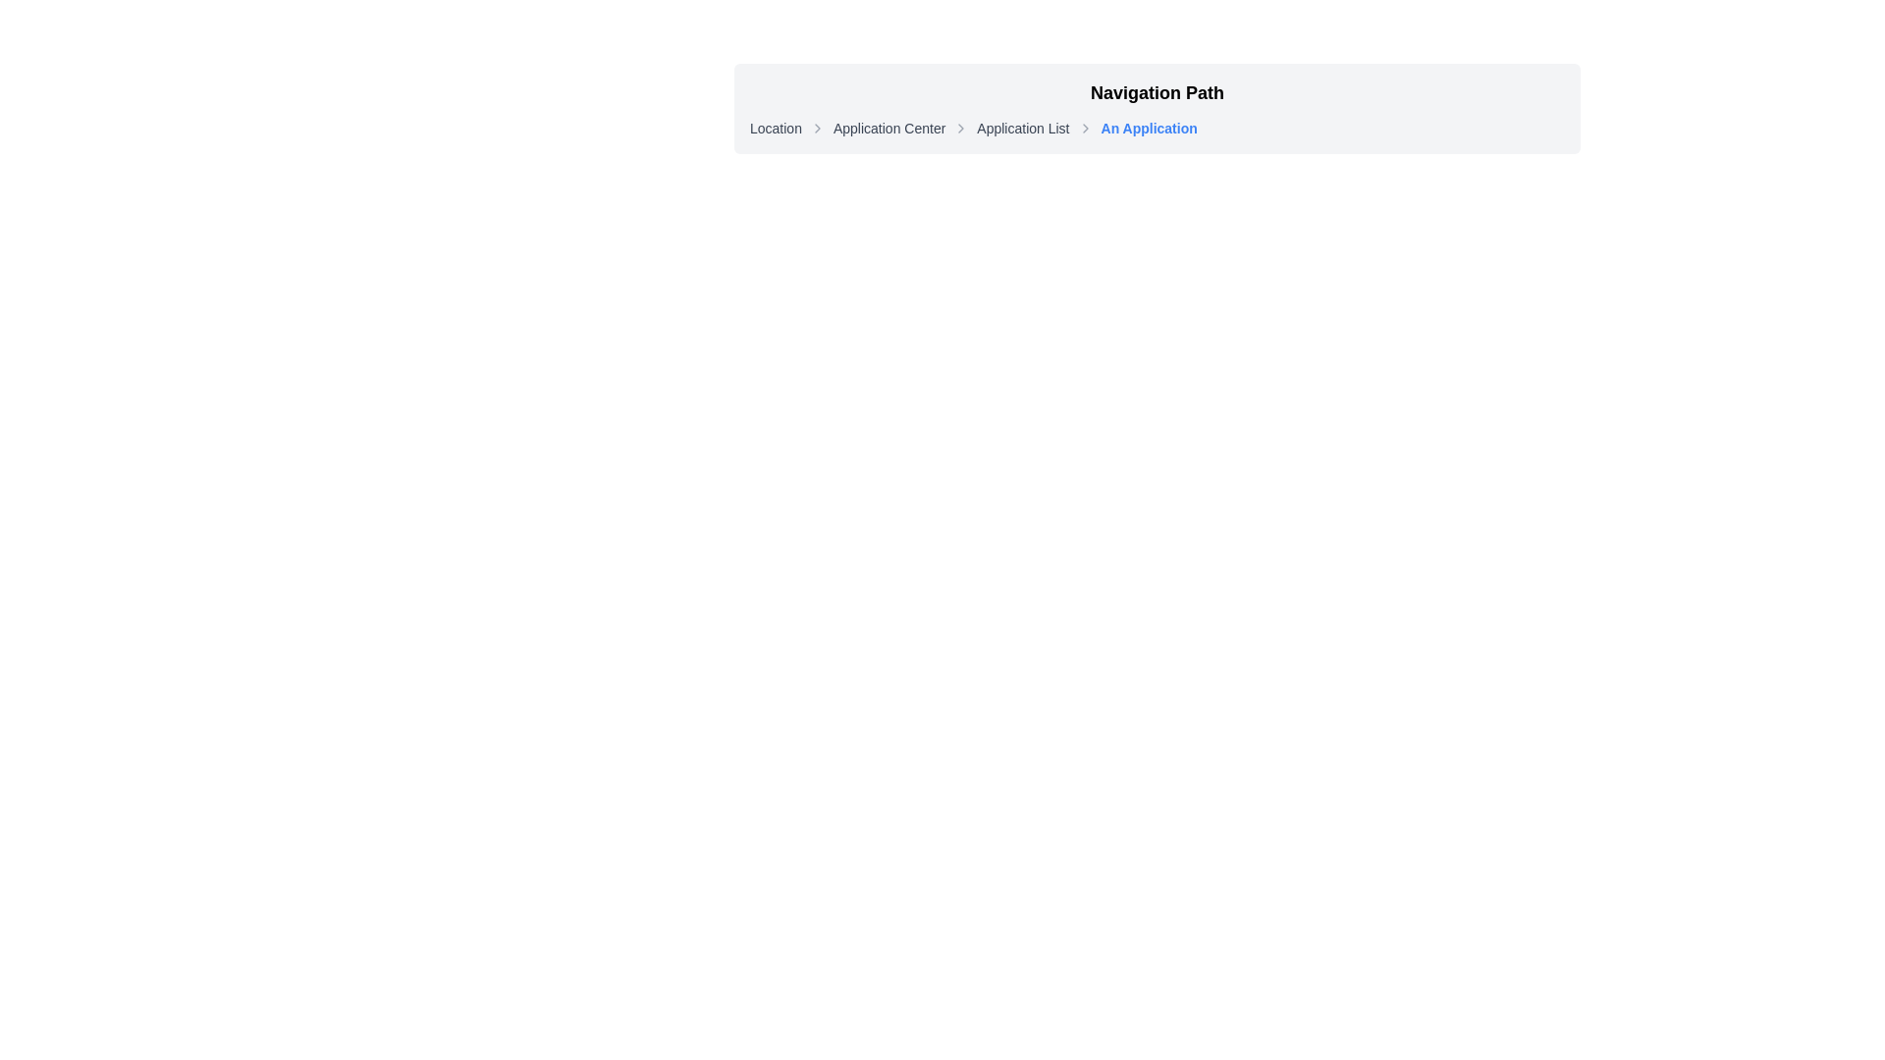  What do you see at coordinates (1158, 109) in the screenshot?
I see `the links in the Breadcrumb Navigation Bar located near the top-center of the interface` at bounding box center [1158, 109].